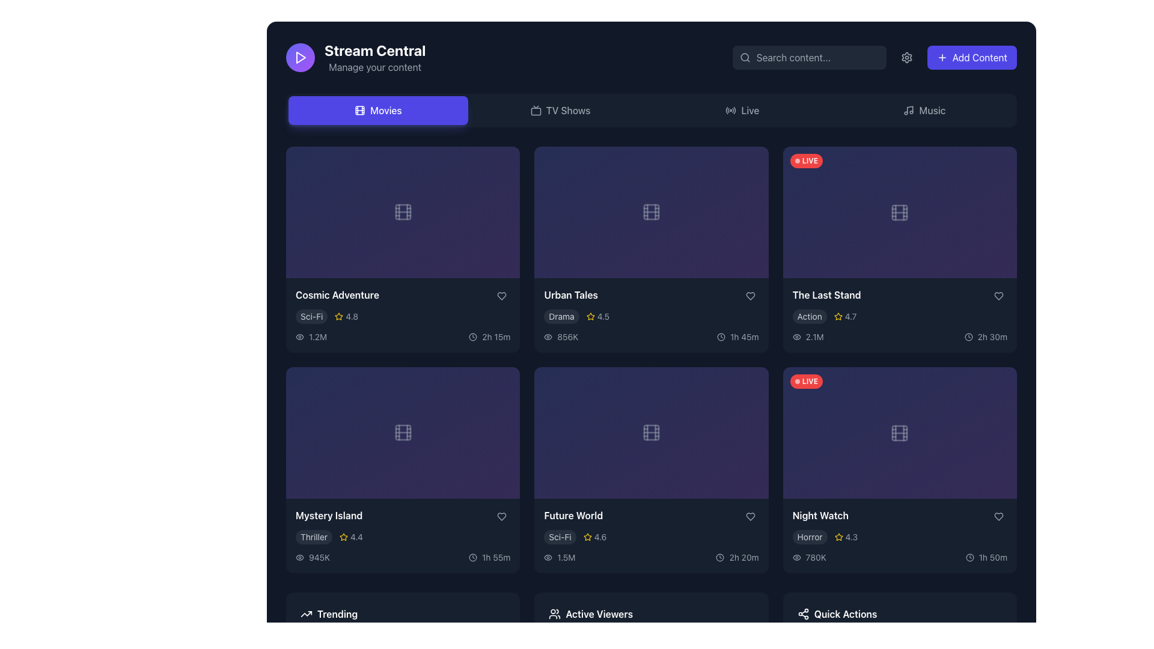 This screenshot has width=1154, height=649. What do you see at coordinates (900, 433) in the screenshot?
I see `the media icon in the second row of the rightmost column of the grid in the 'Movies' section, centered within the card labeled 'Night Watch'` at bounding box center [900, 433].